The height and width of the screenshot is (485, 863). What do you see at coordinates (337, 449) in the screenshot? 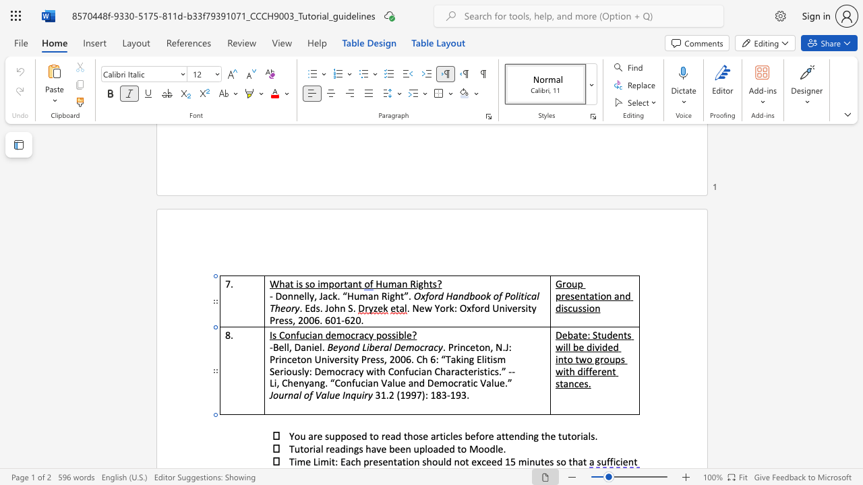
I see `the 2th character "a" in the text` at bounding box center [337, 449].